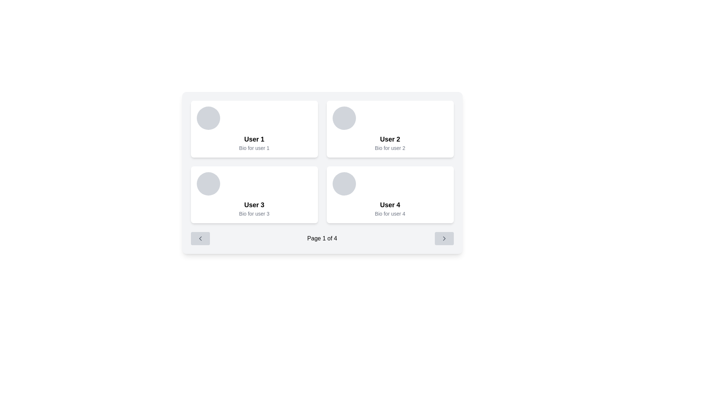 Image resolution: width=701 pixels, height=394 pixels. I want to click on the icon-based button located at the bottom left-hand corner of the interface, so click(200, 239).